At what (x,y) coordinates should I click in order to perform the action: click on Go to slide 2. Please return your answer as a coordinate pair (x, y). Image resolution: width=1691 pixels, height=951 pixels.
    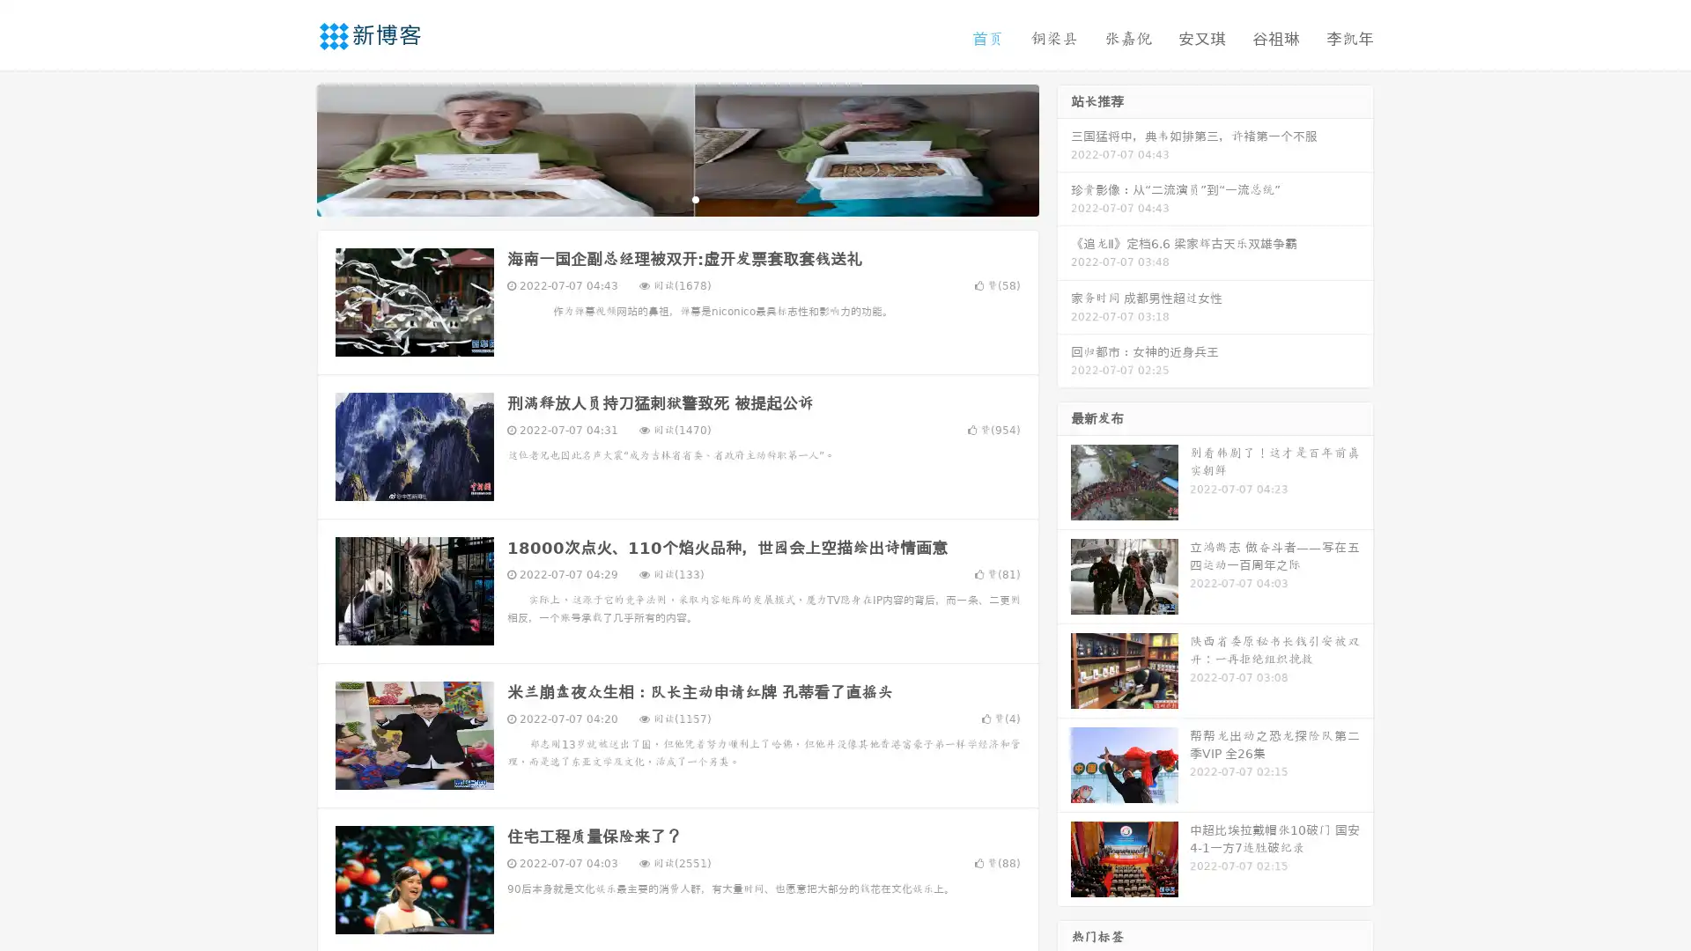
    Looking at the image, I should click on (676, 198).